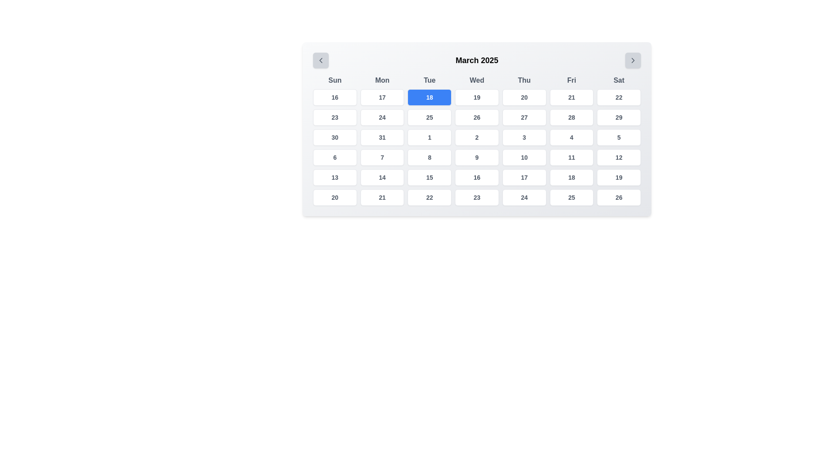 The width and height of the screenshot is (836, 470). I want to click on the button displaying the number '6' in the calendar grid for March 2025, so click(334, 158).